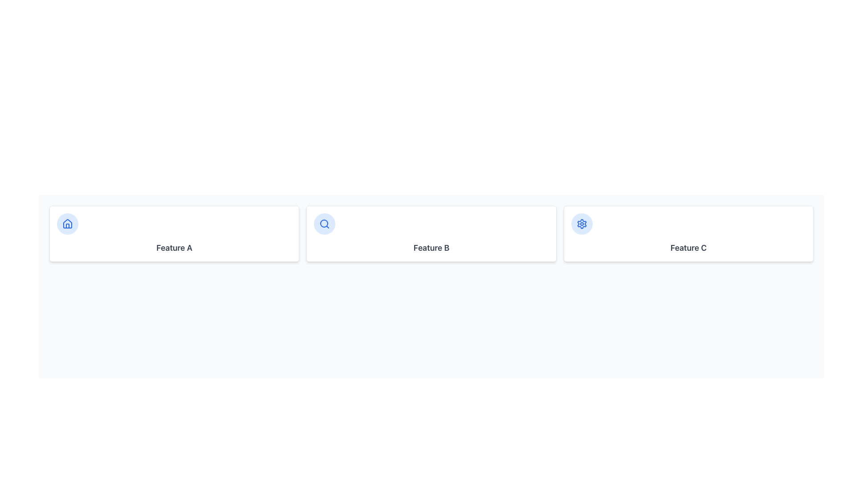 This screenshot has width=855, height=481. What do you see at coordinates (688, 248) in the screenshot?
I see `the text label located at the bottom right of the last card, which displays the title for the associated feature and is surrounded by a circular blue background` at bounding box center [688, 248].